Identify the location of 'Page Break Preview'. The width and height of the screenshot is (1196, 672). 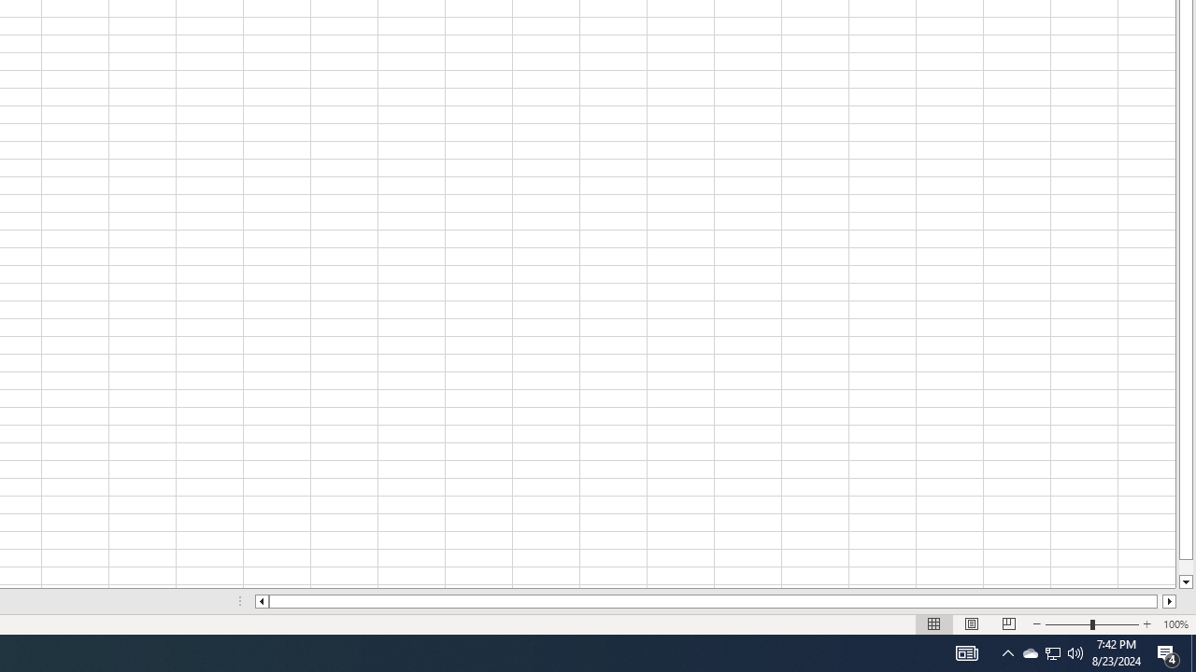
(1007, 624).